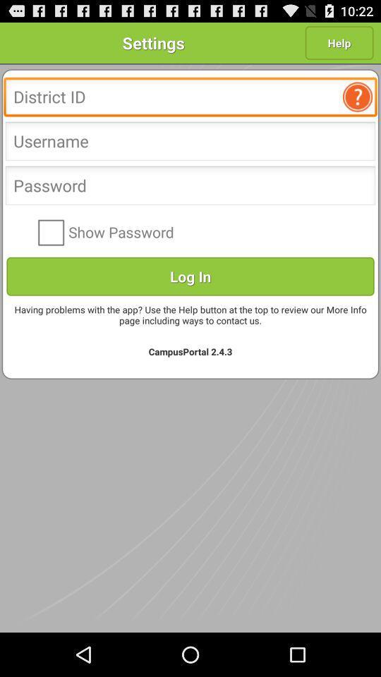 Image resolution: width=381 pixels, height=677 pixels. Describe the element at coordinates (190, 350) in the screenshot. I see `campusportal 2 4` at that location.